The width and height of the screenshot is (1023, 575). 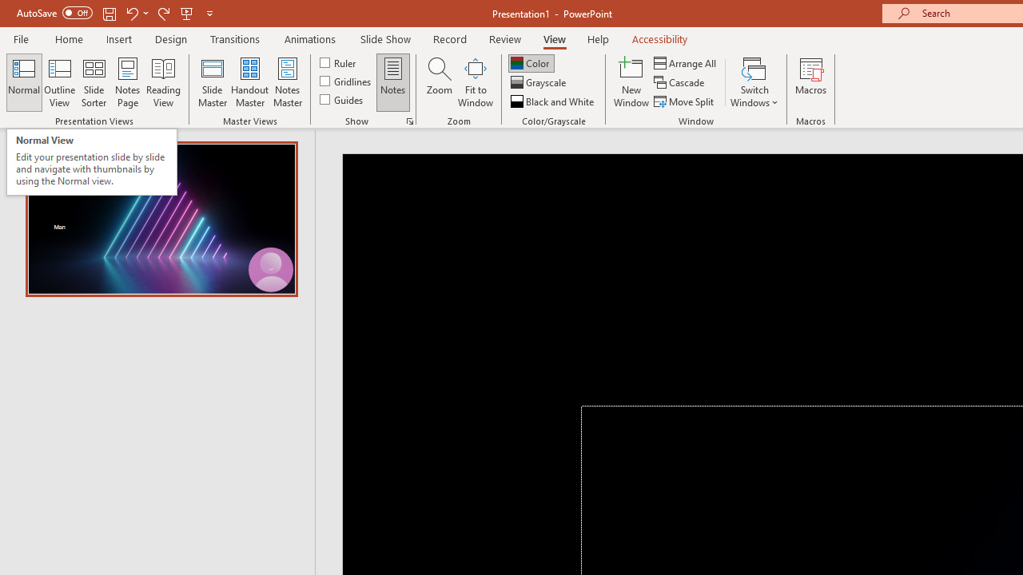 I want to click on 'Switch Windows', so click(x=754, y=82).